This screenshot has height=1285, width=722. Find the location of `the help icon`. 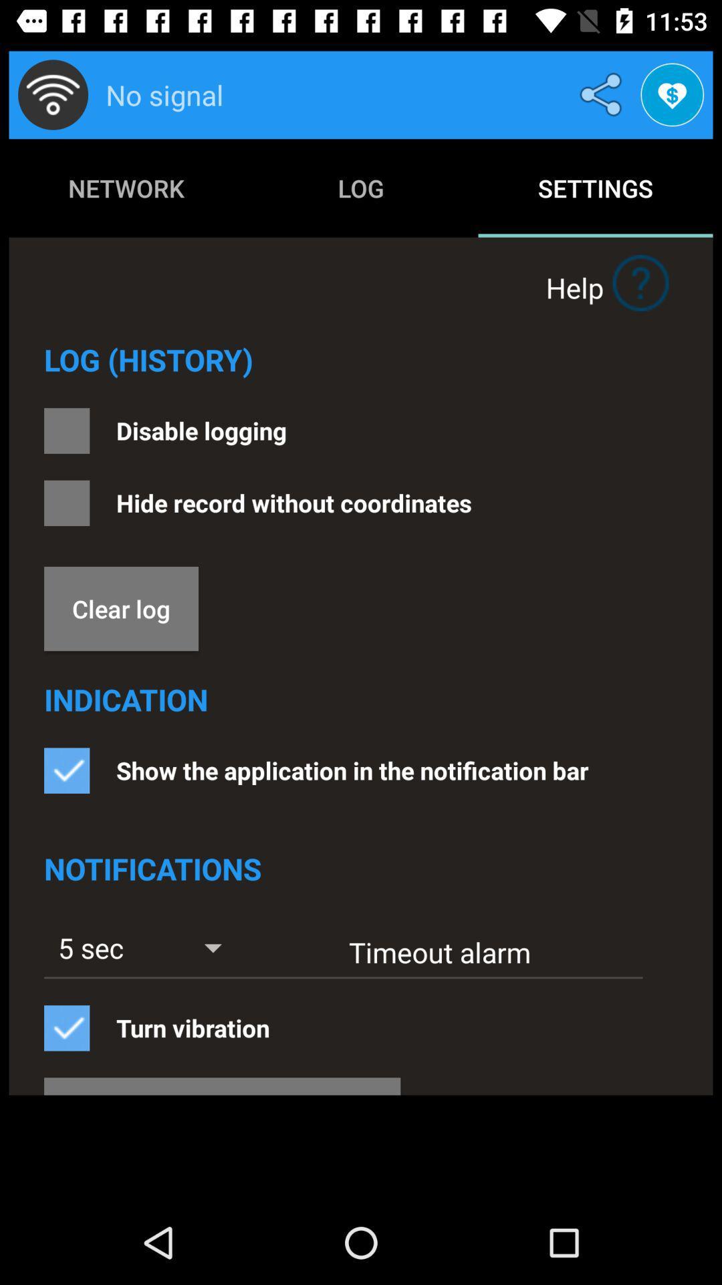

the help icon is located at coordinates (640, 282).